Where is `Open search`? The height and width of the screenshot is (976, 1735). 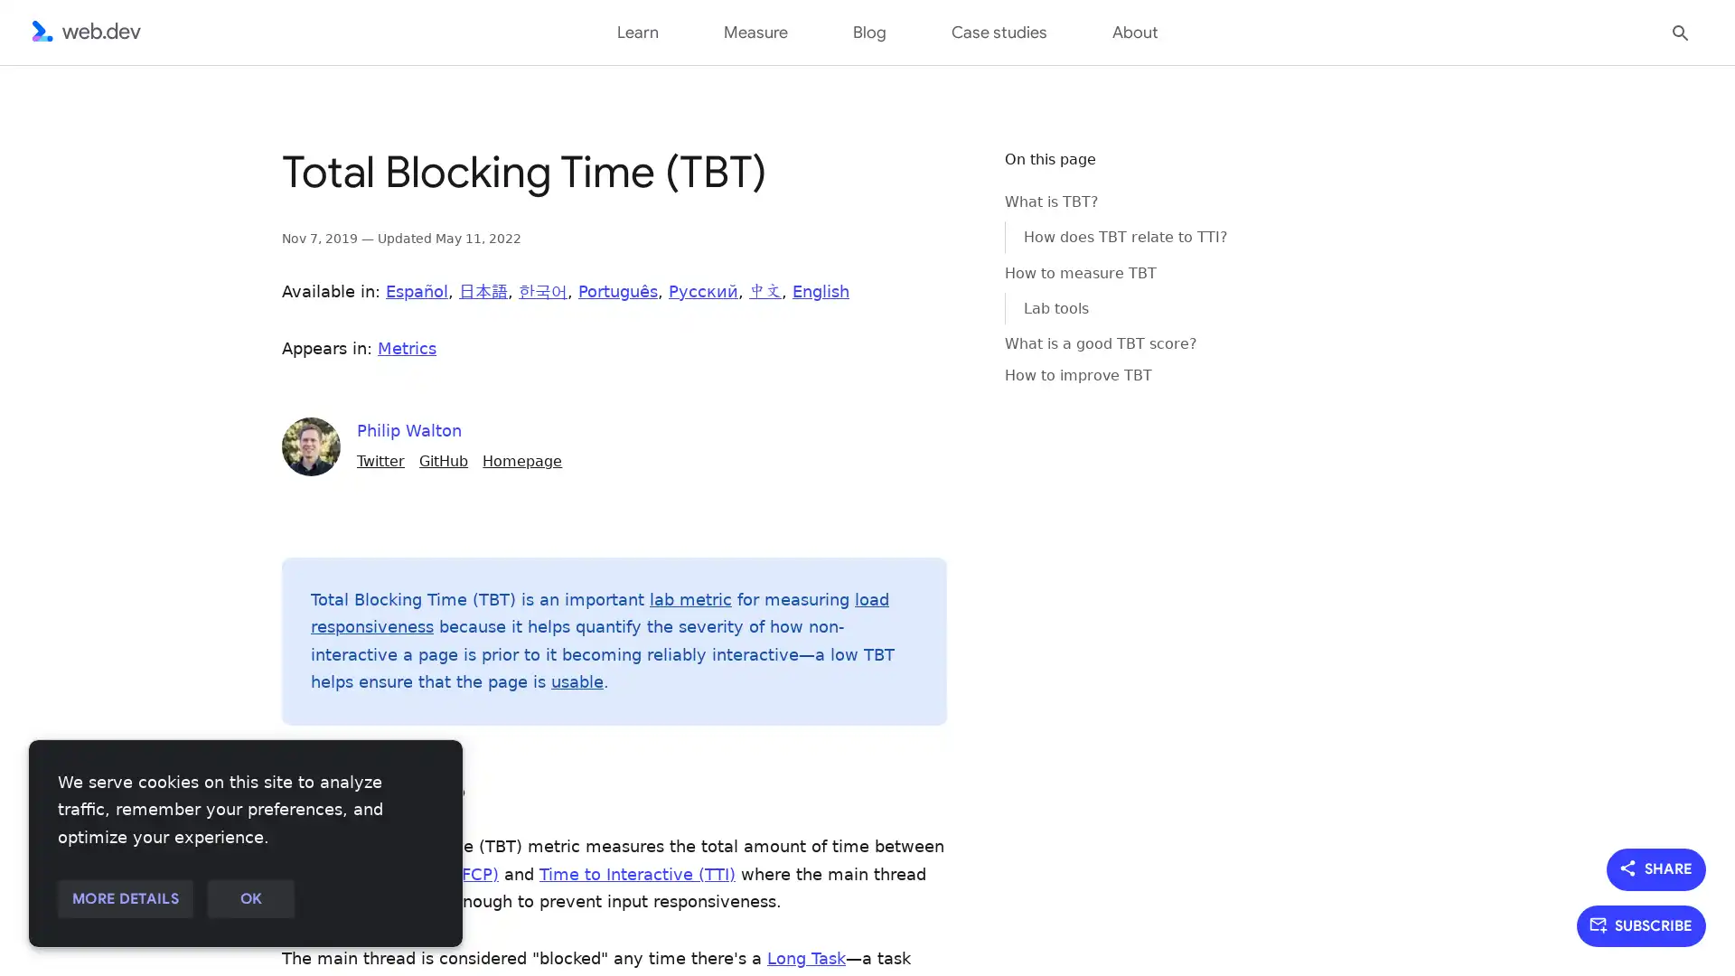
Open search is located at coordinates (1680, 31).